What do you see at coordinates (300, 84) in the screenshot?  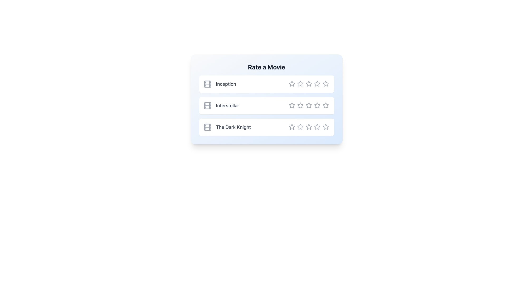 I see `the second star button used to rate the movie 'Inception' with a rating of 2 stars` at bounding box center [300, 84].